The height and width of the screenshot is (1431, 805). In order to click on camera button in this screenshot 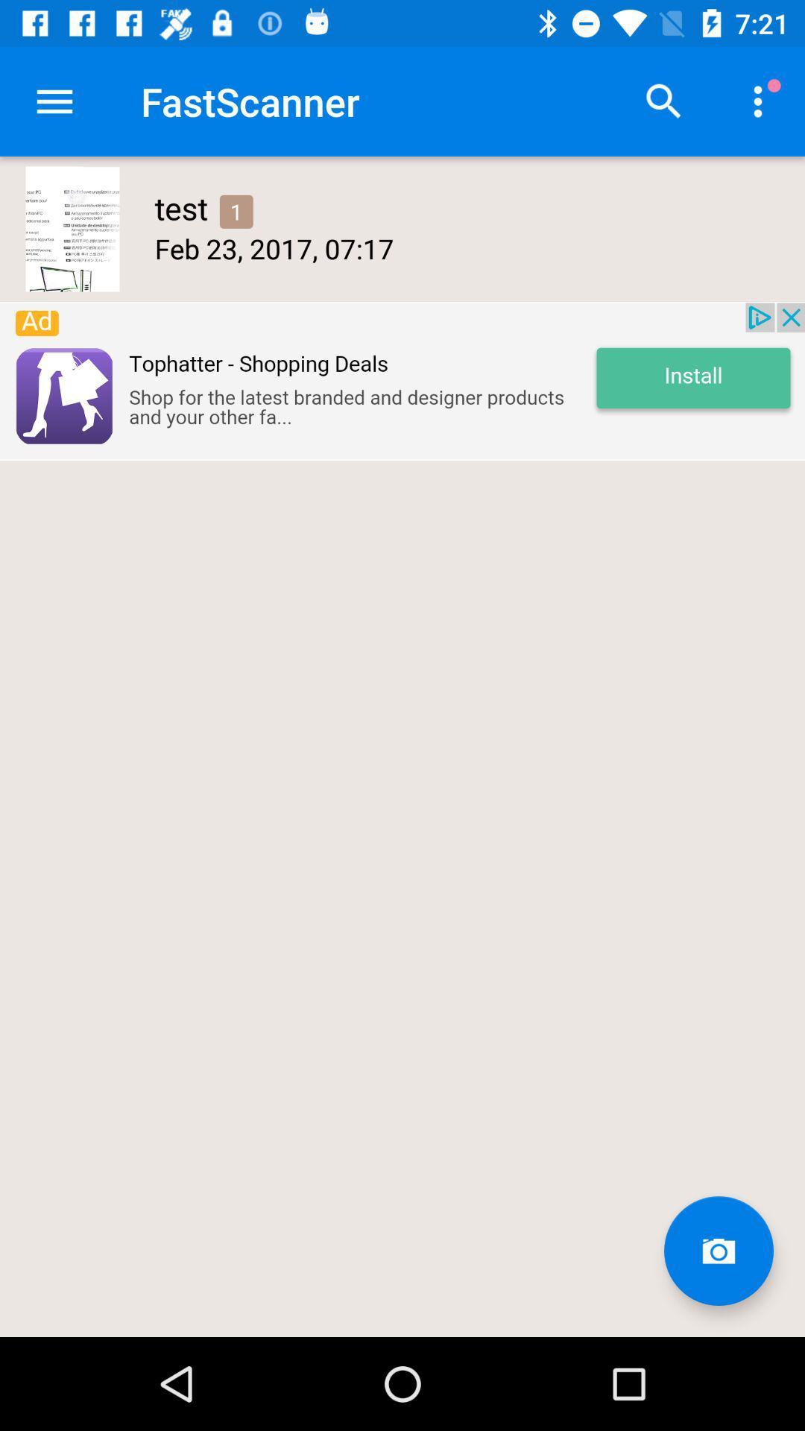, I will do `click(718, 1251)`.